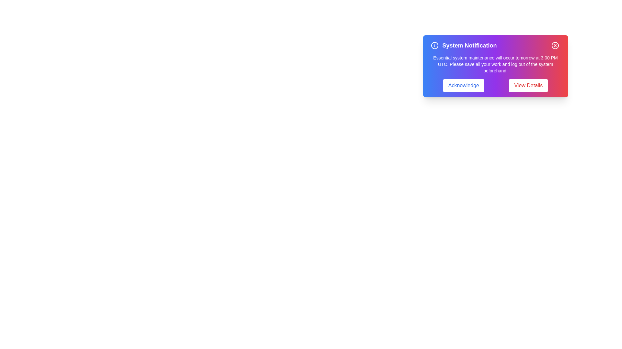  Describe the element at coordinates (463, 85) in the screenshot. I see `the button labeled Acknowledge to view its hover effect` at that location.